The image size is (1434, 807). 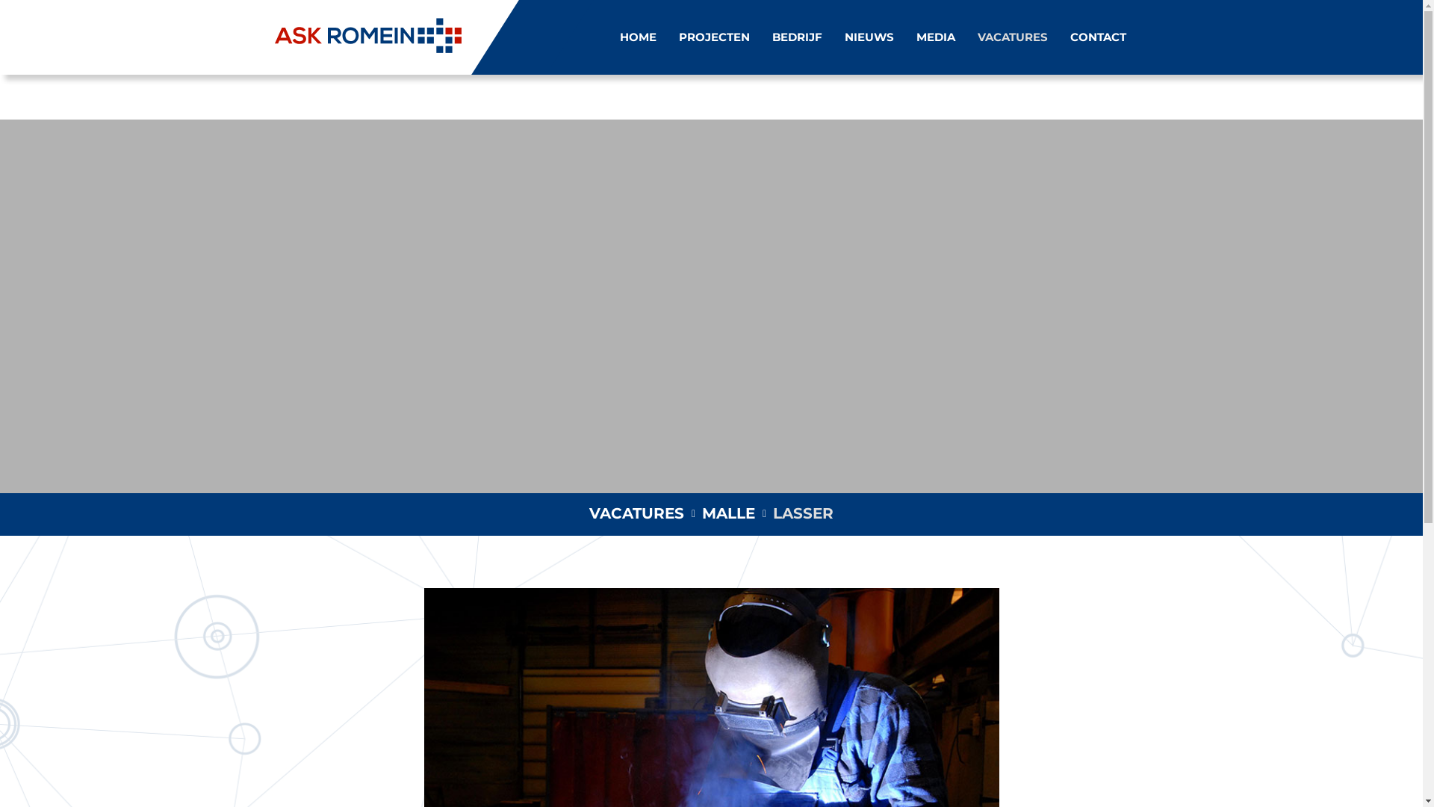 I want to click on 'HOME', so click(x=620, y=37).